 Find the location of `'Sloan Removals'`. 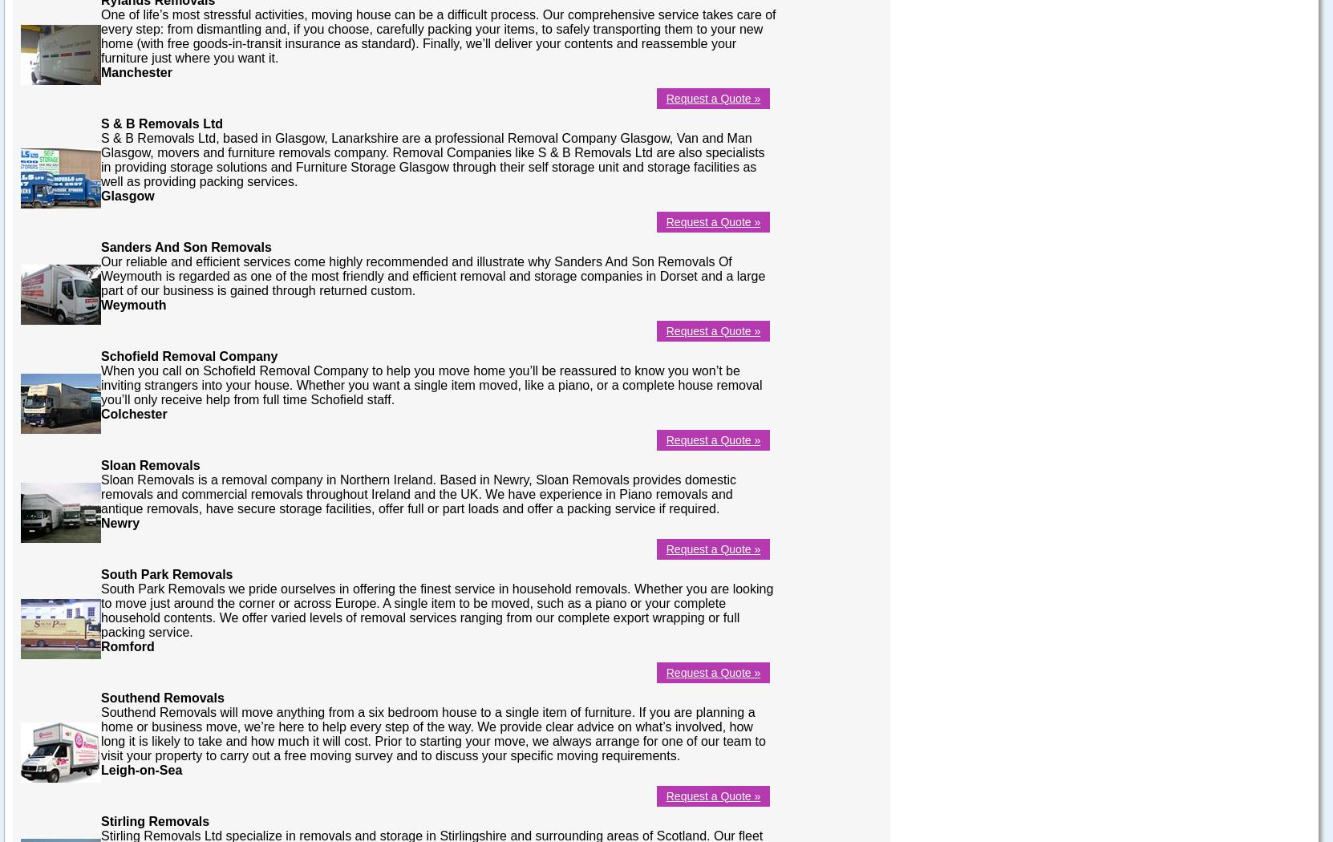

'Sloan Removals' is located at coordinates (149, 464).